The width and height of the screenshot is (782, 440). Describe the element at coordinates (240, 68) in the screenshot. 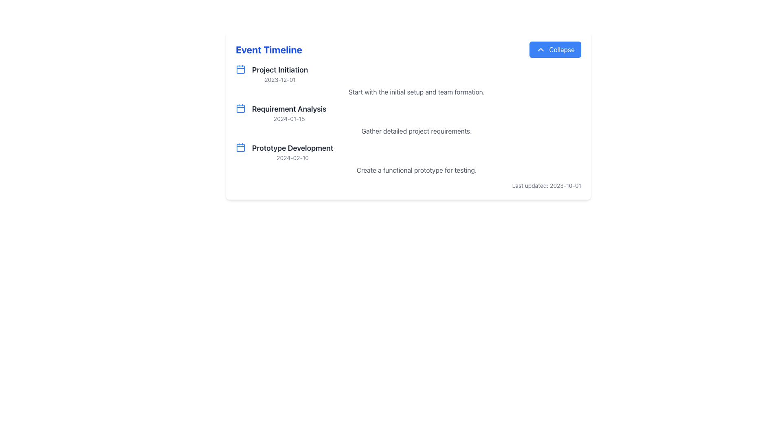

I see `the calendar icon representing the 'Project Initiation' event` at that location.